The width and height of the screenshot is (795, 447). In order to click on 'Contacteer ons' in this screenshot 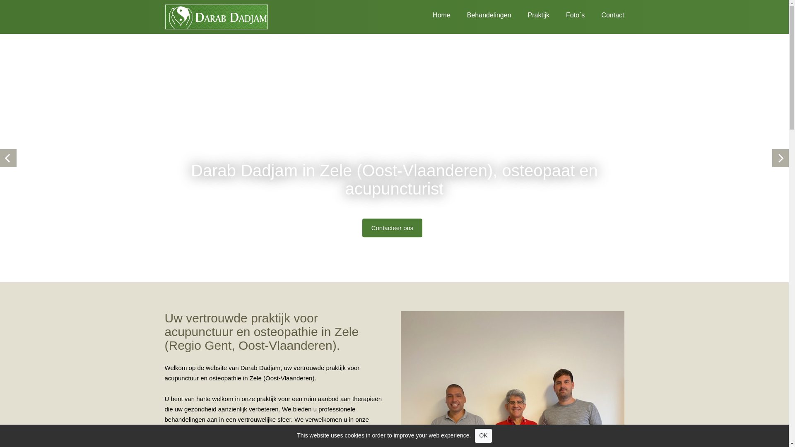, I will do `click(392, 228)`.